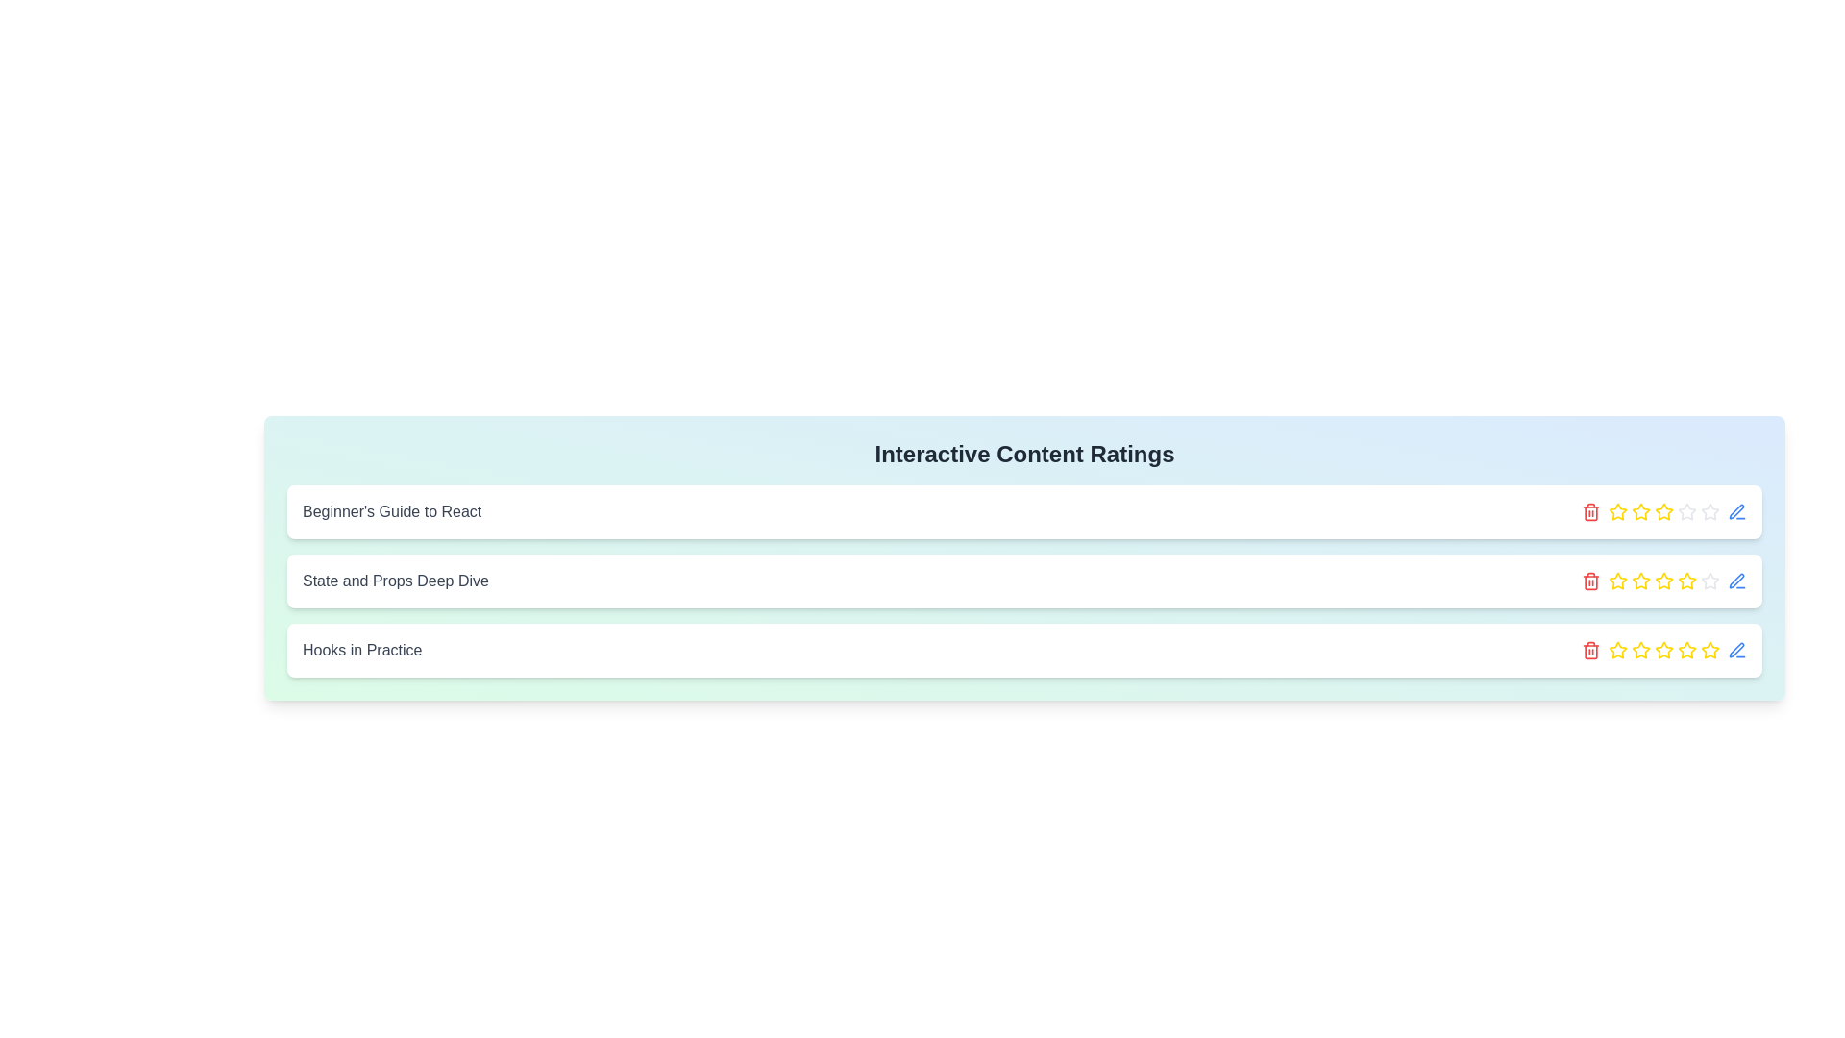 The height and width of the screenshot is (1038, 1845). Describe the element at coordinates (1640, 510) in the screenshot. I see `the third star icon in the five-star rating system` at that location.